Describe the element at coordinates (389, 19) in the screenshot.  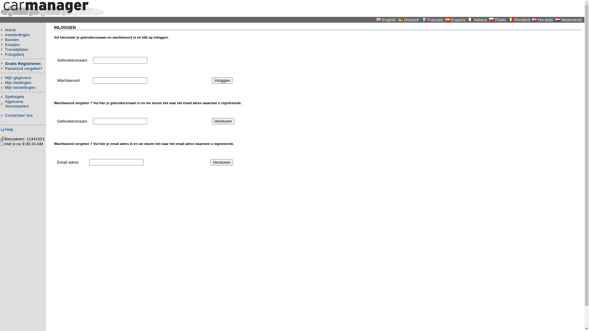
I see `'English'` at that location.